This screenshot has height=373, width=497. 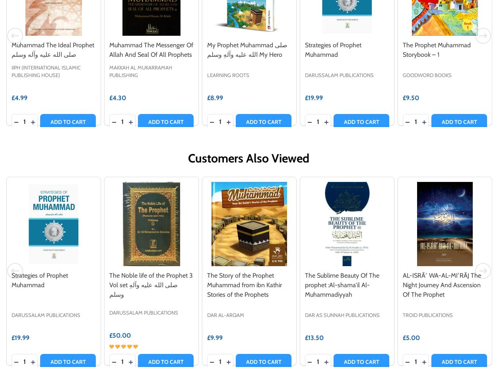 What do you see at coordinates (207, 284) in the screenshot?
I see `'The Story of the Prophet Muhammad from ibn Kathir Stories of the Prophets'` at bounding box center [207, 284].